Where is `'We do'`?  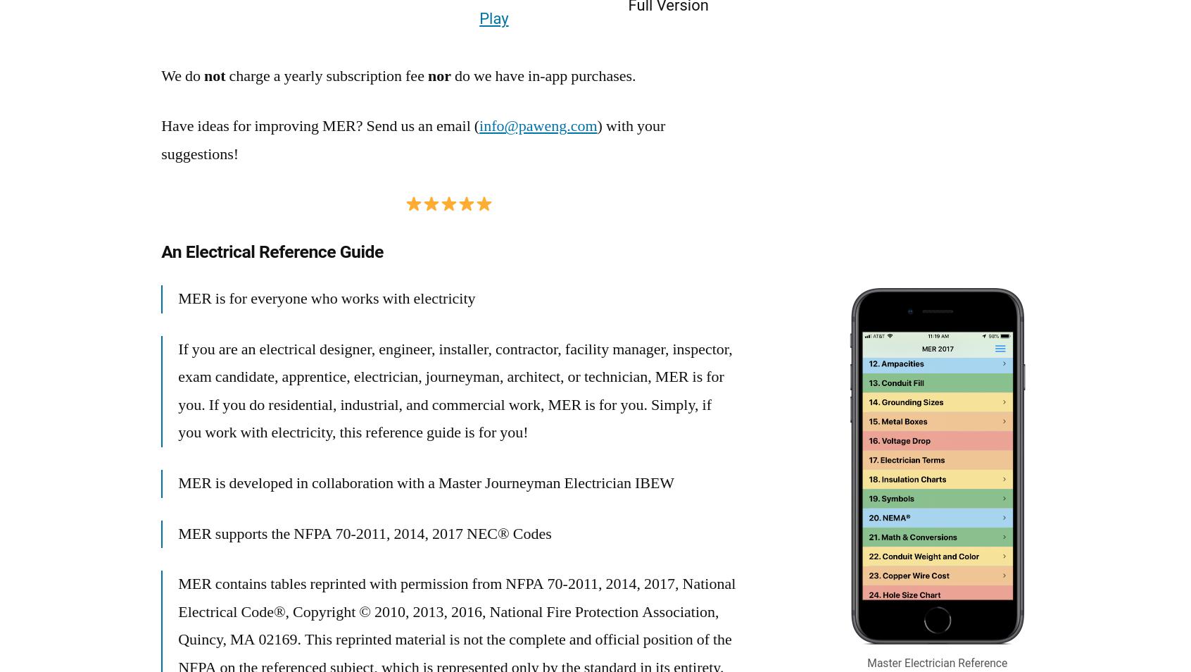
'We do' is located at coordinates (160, 75).